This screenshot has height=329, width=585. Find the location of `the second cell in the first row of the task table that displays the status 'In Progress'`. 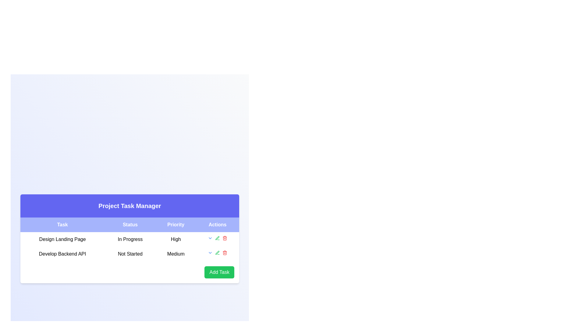

the second cell in the first row of the task table that displays the status 'In Progress' is located at coordinates (129, 247).